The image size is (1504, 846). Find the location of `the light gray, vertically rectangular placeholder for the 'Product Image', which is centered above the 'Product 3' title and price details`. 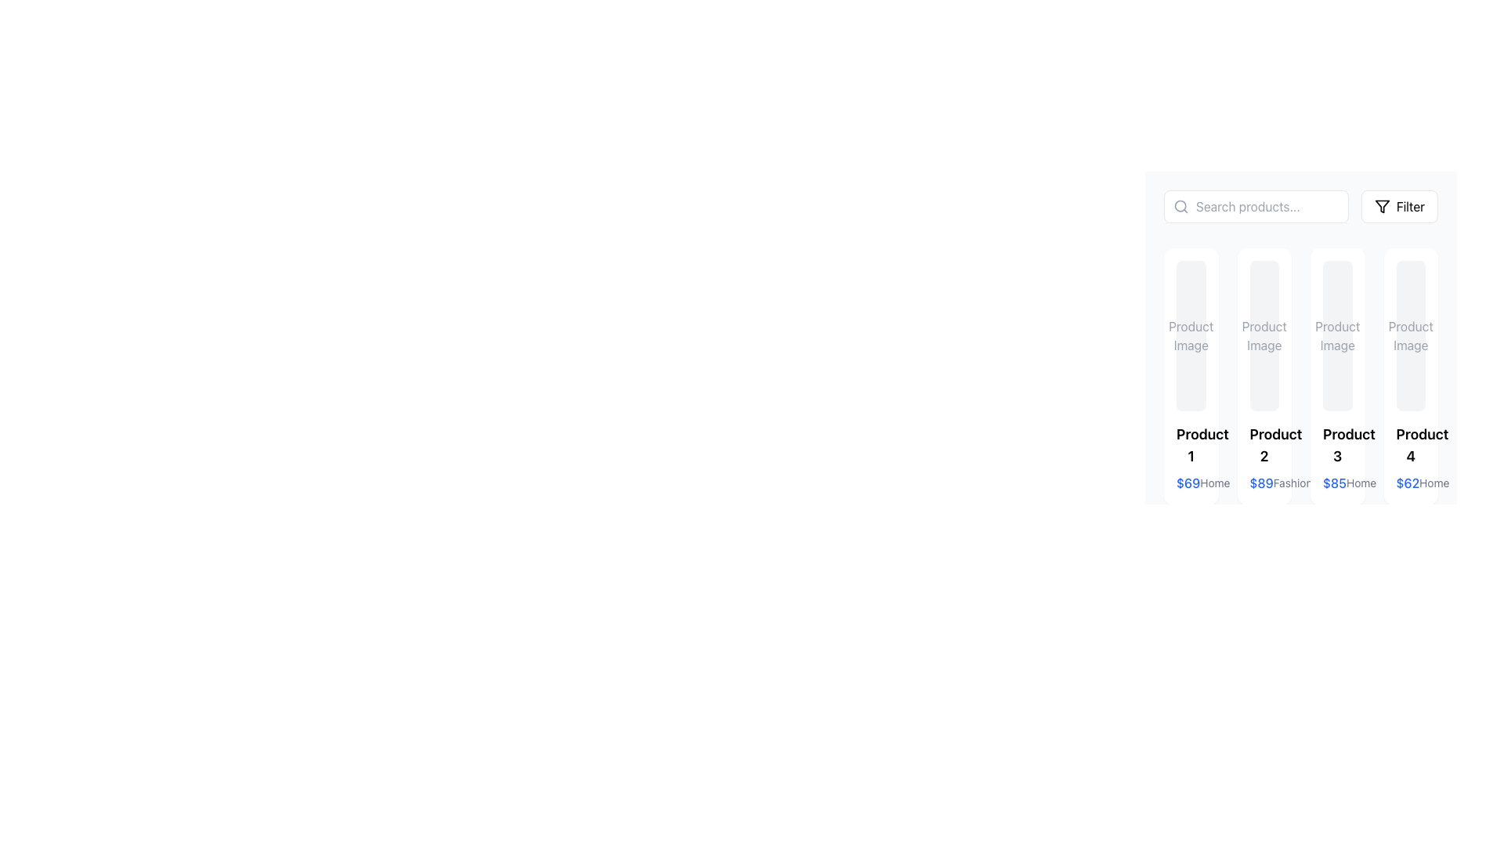

the light gray, vertically rectangular placeholder for the 'Product Image', which is centered above the 'Product 3' title and price details is located at coordinates (1336, 334).